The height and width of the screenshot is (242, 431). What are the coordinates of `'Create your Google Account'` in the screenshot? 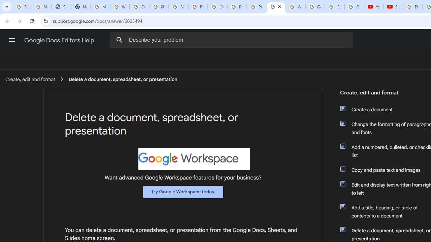 It's located at (139, 7).